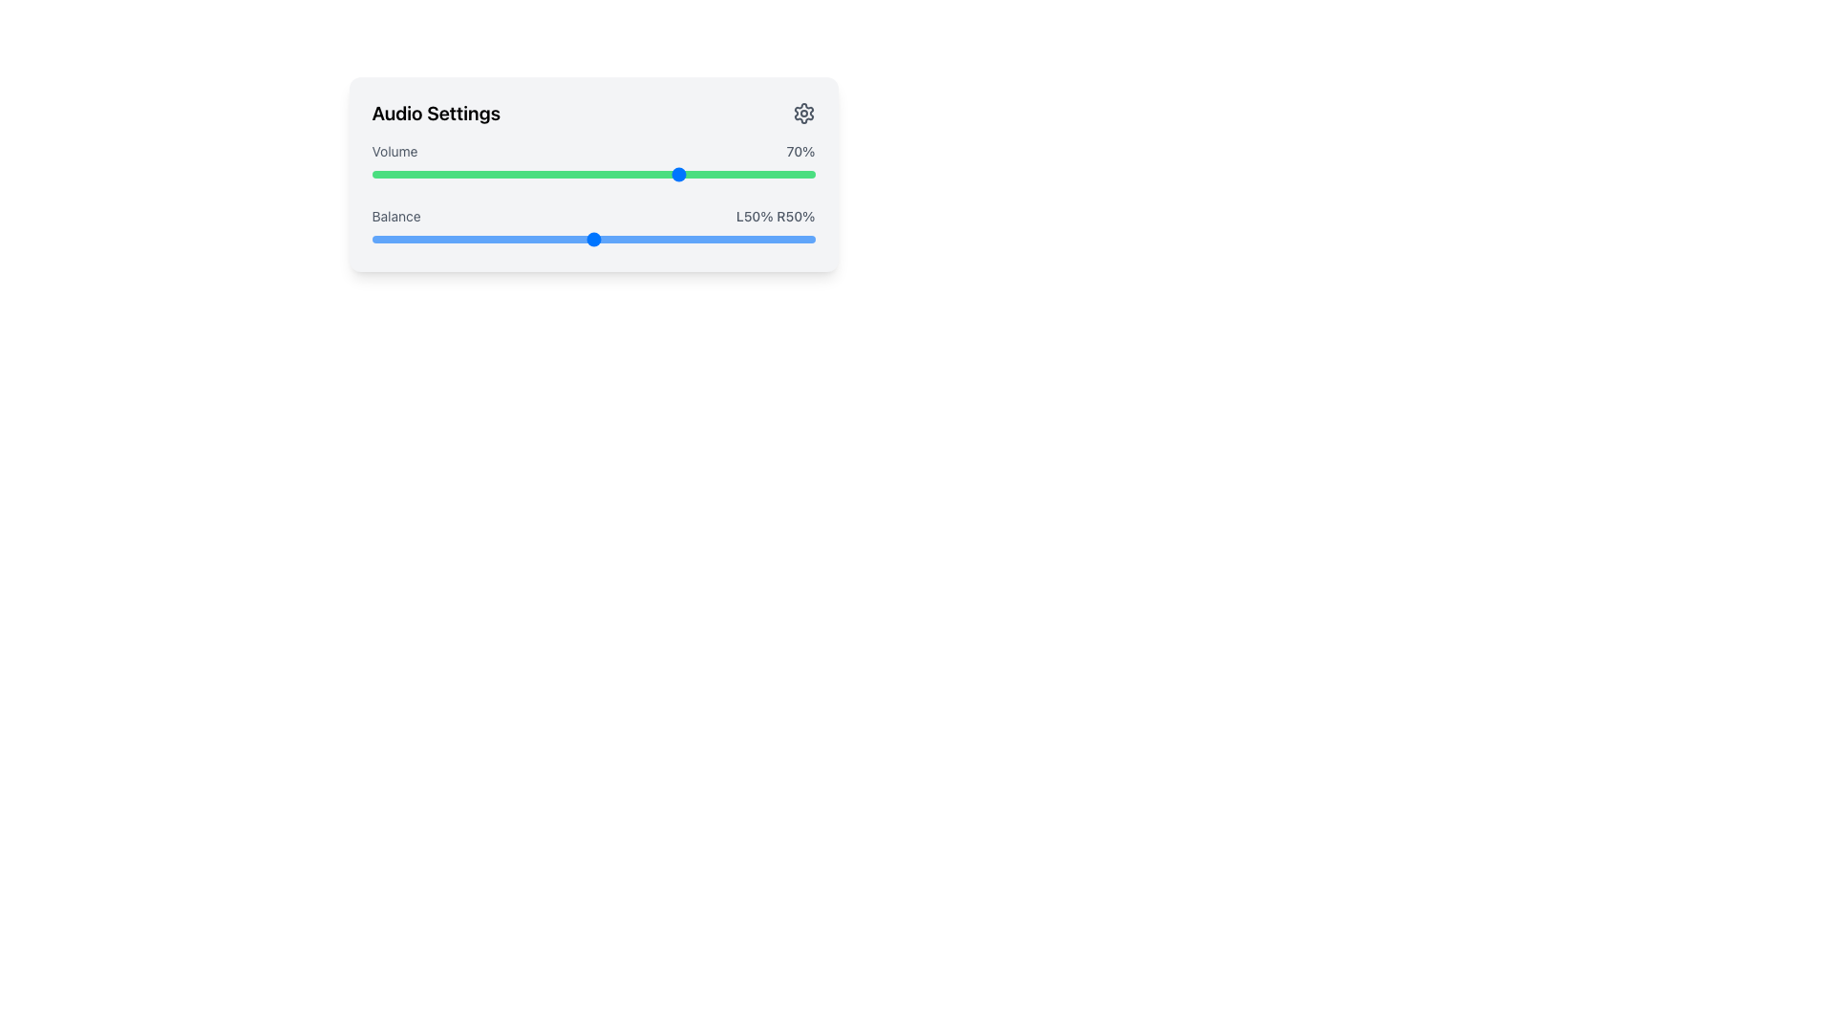 The width and height of the screenshot is (1834, 1031). I want to click on volume, so click(788, 174).